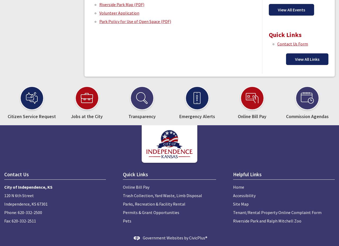 Image resolution: width=339 pixels, height=246 pixels. Describe the element at coordinates (162, 195) in the screenshot. I see `'Trash Collection, Yard Waste, Limb Disposal'` at that location.